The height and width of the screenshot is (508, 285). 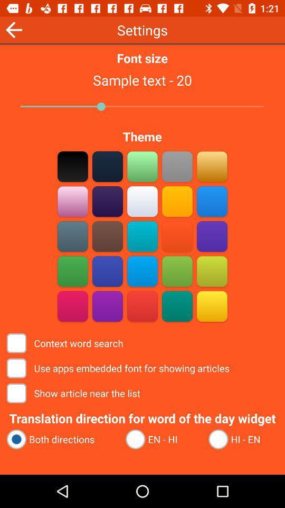 What do you see at coordinates (177, 236) in the screenshot?
I see `orange square button color theme option` at bounding box center [177, 236].